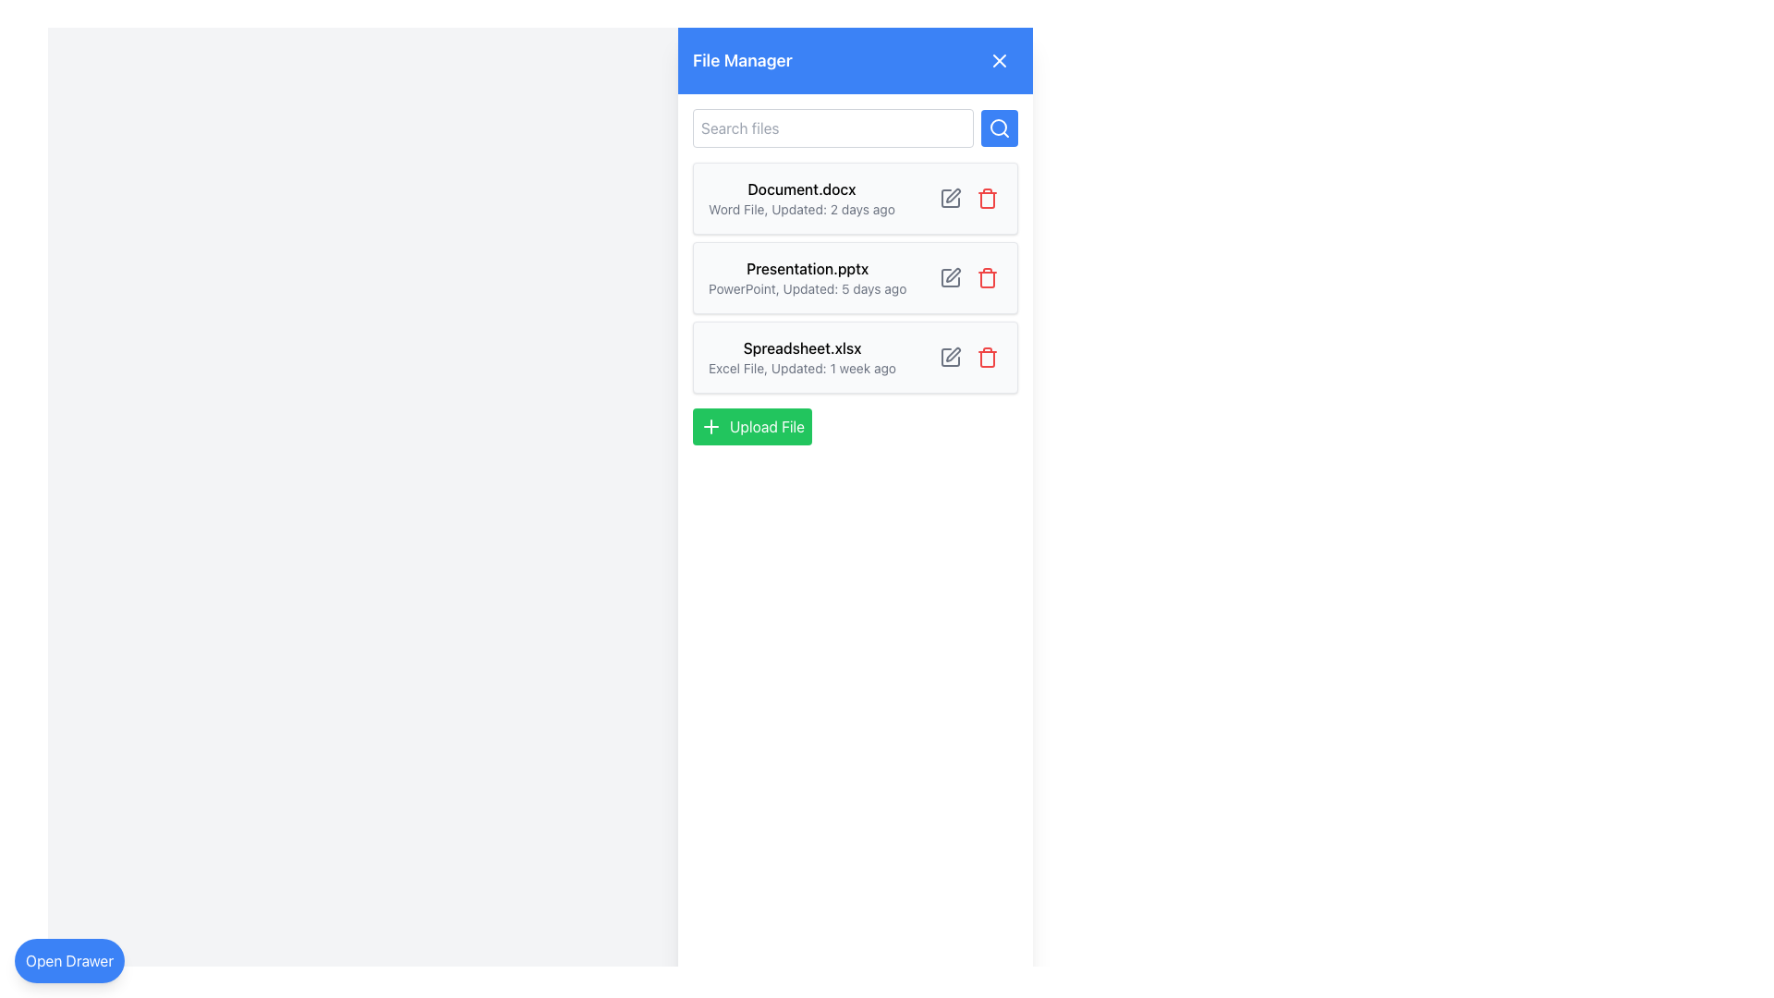  What do you see at coordinates (802, 357) in the screenshot?
I see `the file associated with the third entry in the file listing section, which displays the file name and additional metadata` at bounding box center [802, 357].